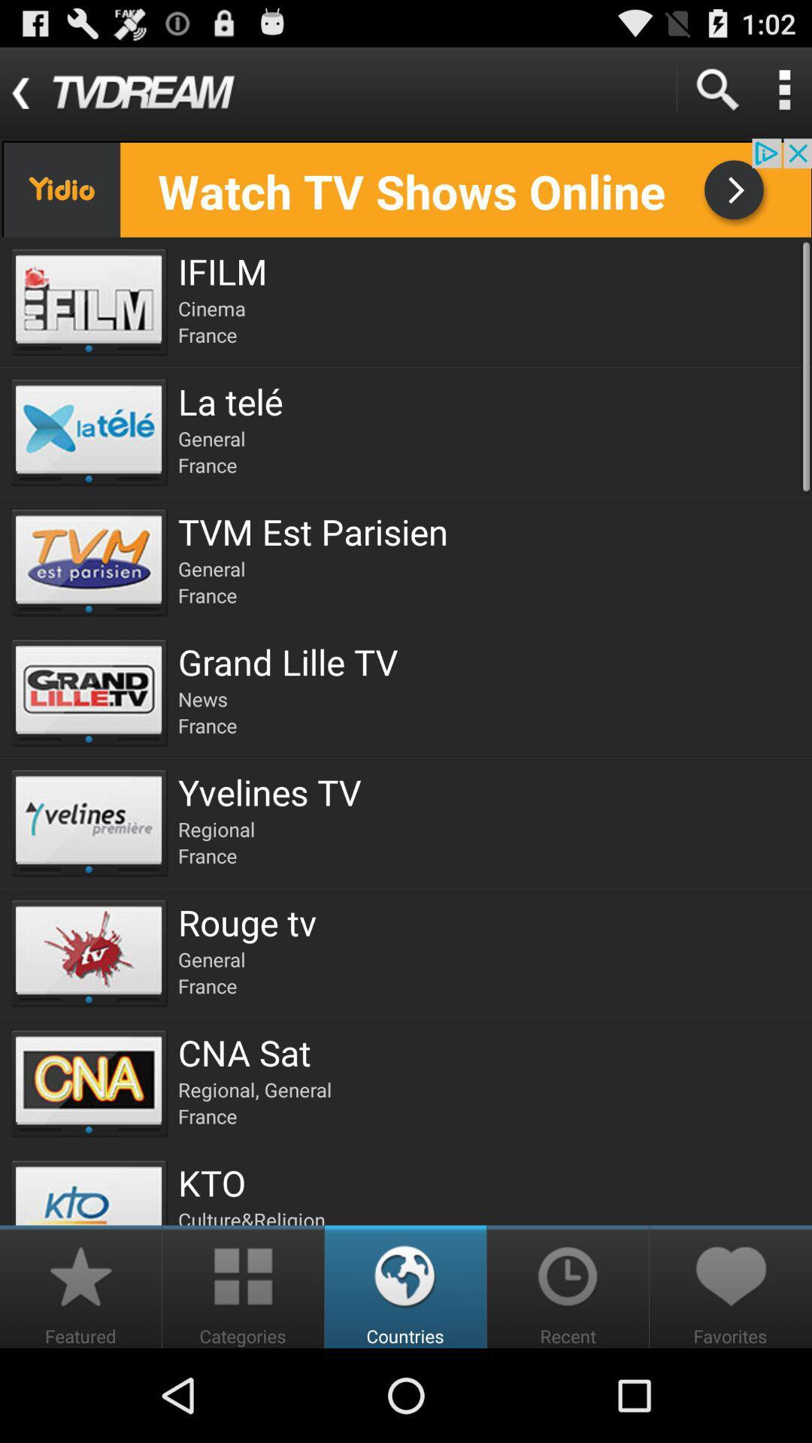 Image resolution: width=812 pixels, height=1443 pixels. I want to click on other details option, so click(783, 89).